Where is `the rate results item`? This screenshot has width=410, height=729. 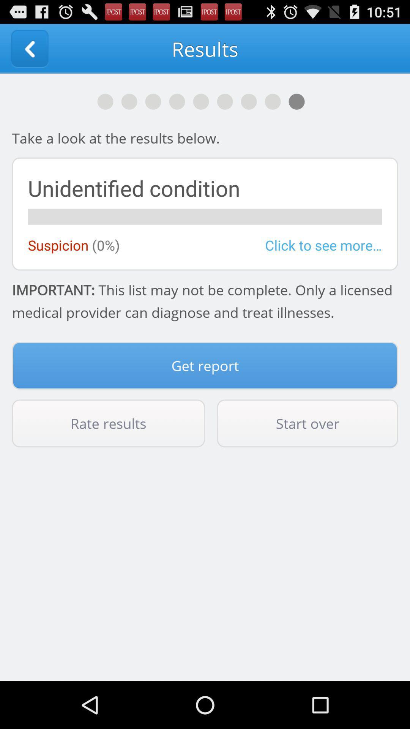
the rate results item is located at coordinates (108, 423).